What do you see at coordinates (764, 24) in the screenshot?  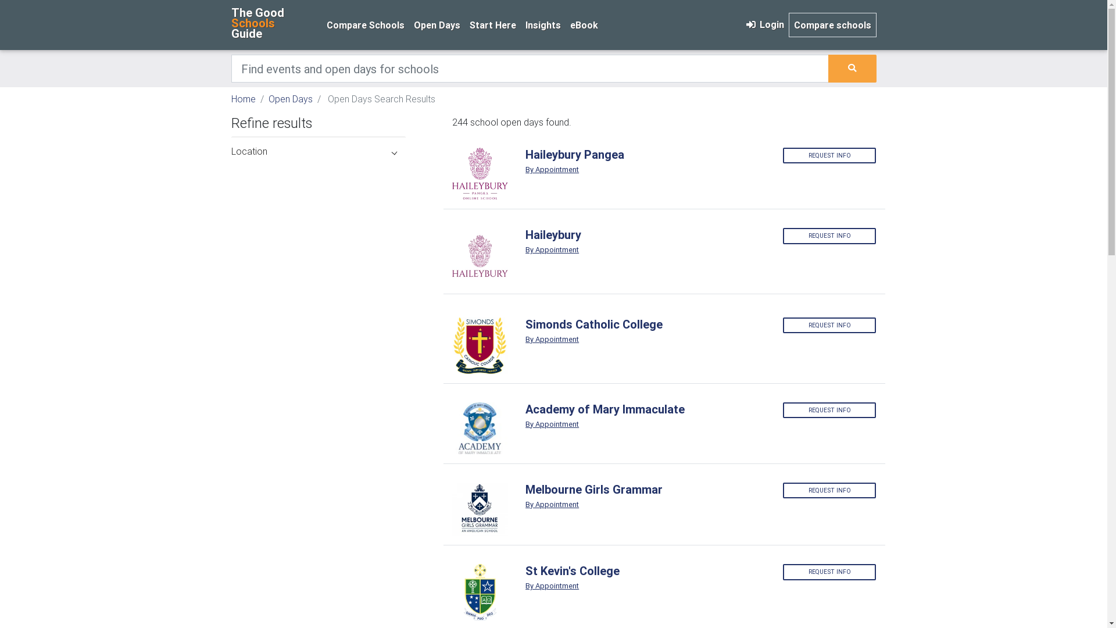 I see `'Login'` at bounding box center [764, 24].